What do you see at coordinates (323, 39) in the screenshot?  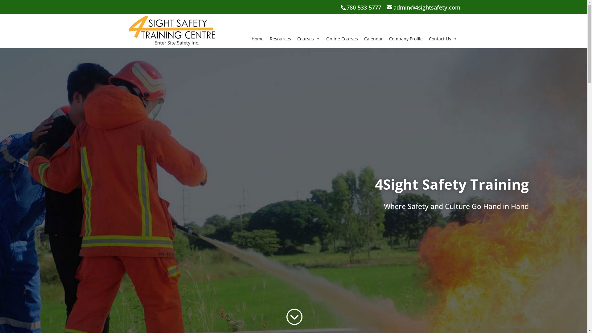 I see `'Online Courses'` at bounding box center [323, 39].